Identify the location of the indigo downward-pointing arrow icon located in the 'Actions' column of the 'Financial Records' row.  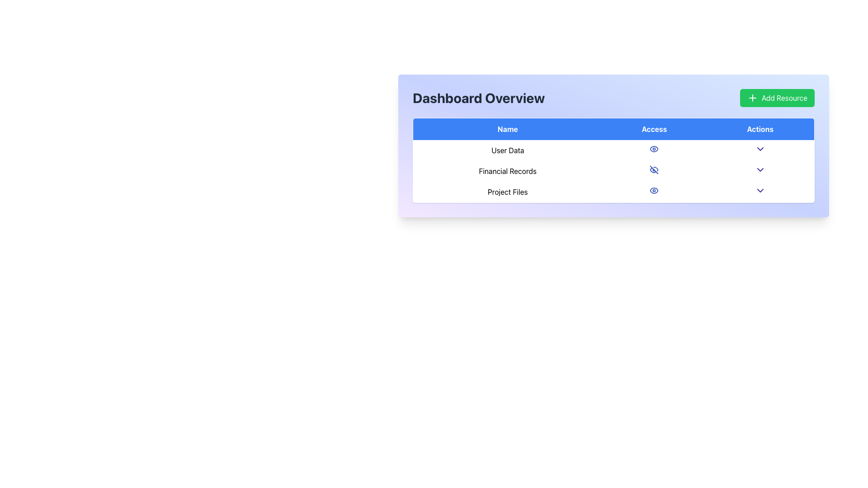
(759, 171).